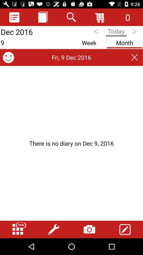 The image size is (143, 255). Describe the element at coordinates (53, 229) in the screenshot. I see `tools/ settings tab` at that location.